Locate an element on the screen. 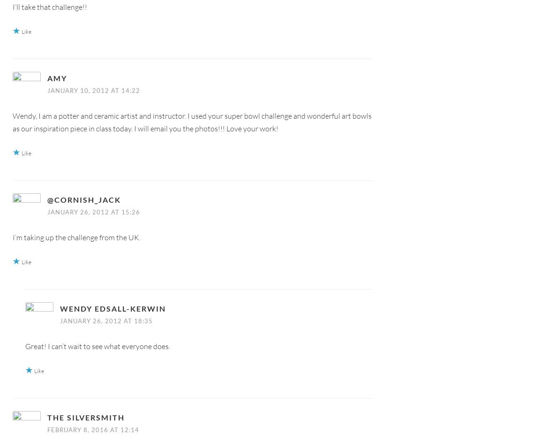  'February 8, 2016 at 12:14' is located at coordinates (92, 429).